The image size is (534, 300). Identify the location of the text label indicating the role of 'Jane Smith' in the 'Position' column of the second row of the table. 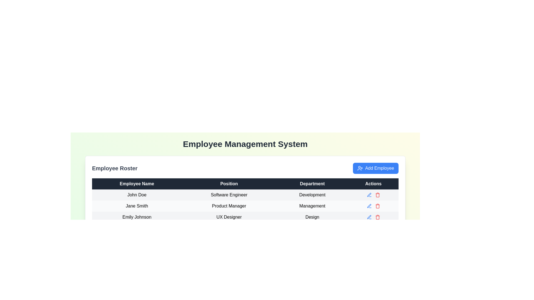
(229, 206).